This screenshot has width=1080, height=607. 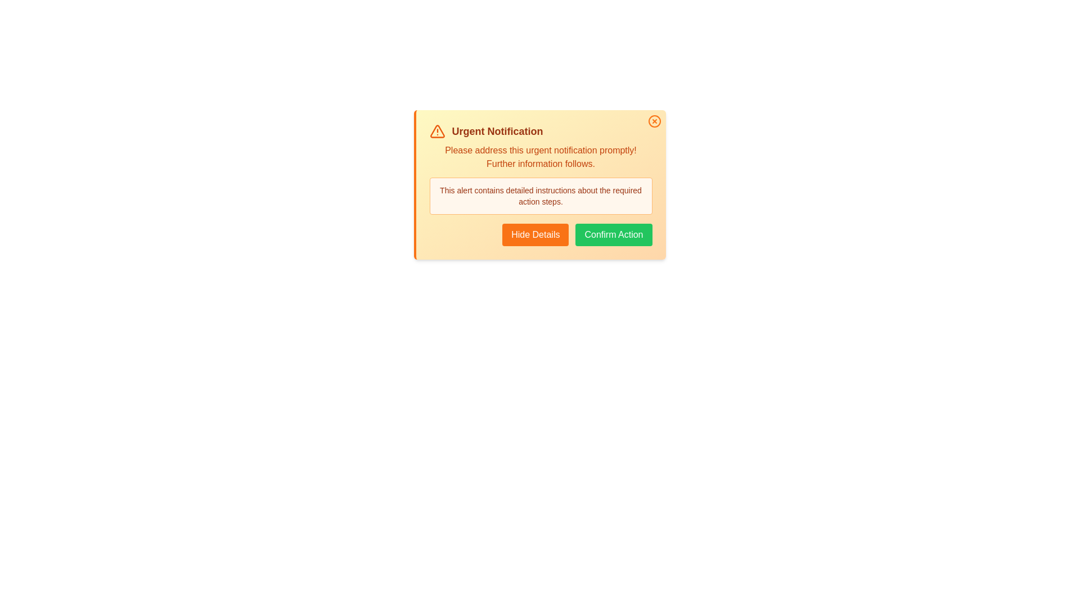 What do you see at coordinates (534, 234) in the screenshot?
I see `the 'Hide Details' button to toggle the visibility of the details section` at bounding box center [534, 234].